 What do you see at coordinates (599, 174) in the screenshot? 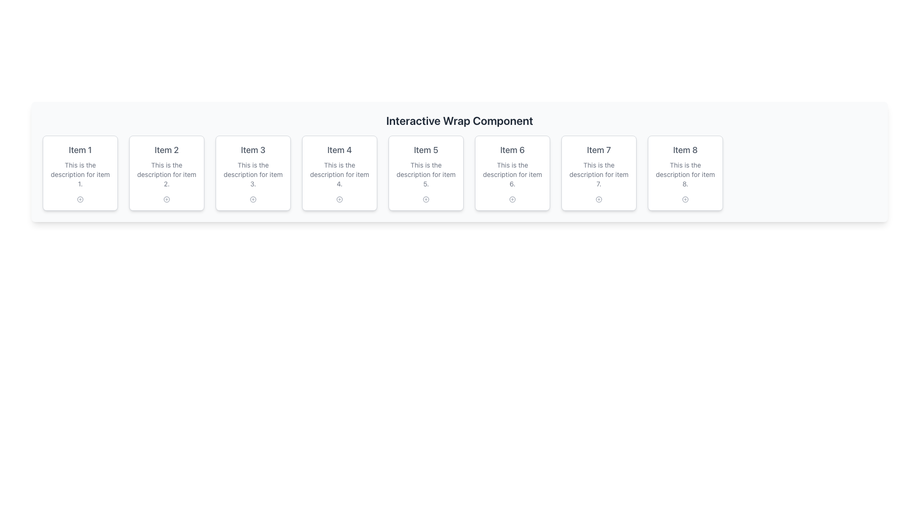
I see `the static text element providing additional information related to 'Item 7', located in the center of the seventh card below the title and above the icon` at bounding box center [599, 174].